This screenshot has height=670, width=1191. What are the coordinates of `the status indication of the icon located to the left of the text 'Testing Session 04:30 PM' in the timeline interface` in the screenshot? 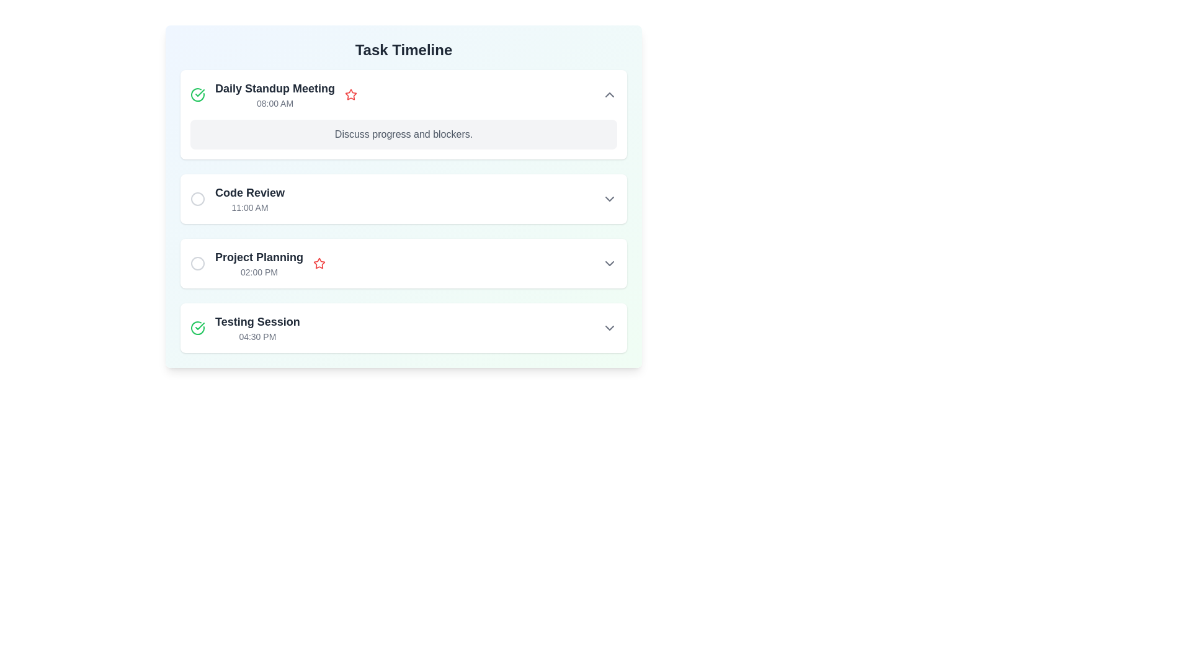 It's located at (197, 327).